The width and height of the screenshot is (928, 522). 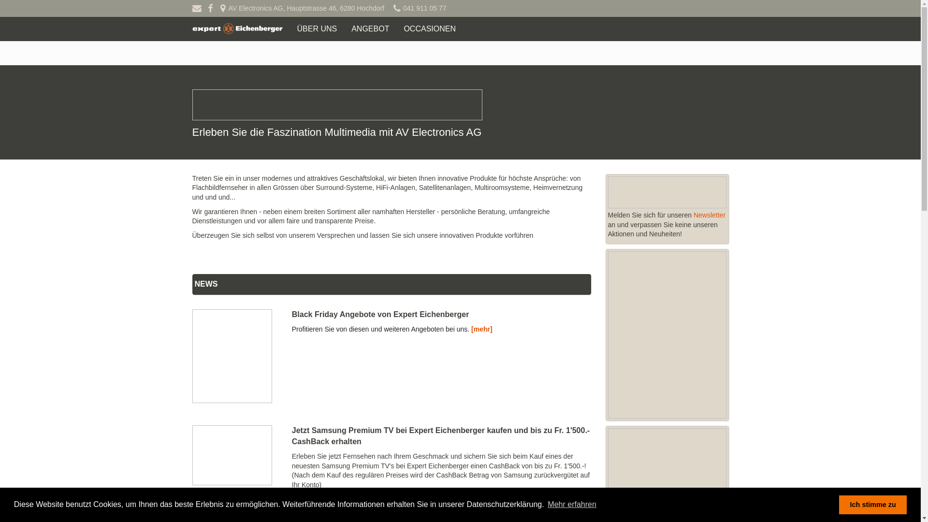 I want to click on '[mehr]', so click(x=482, y=329).